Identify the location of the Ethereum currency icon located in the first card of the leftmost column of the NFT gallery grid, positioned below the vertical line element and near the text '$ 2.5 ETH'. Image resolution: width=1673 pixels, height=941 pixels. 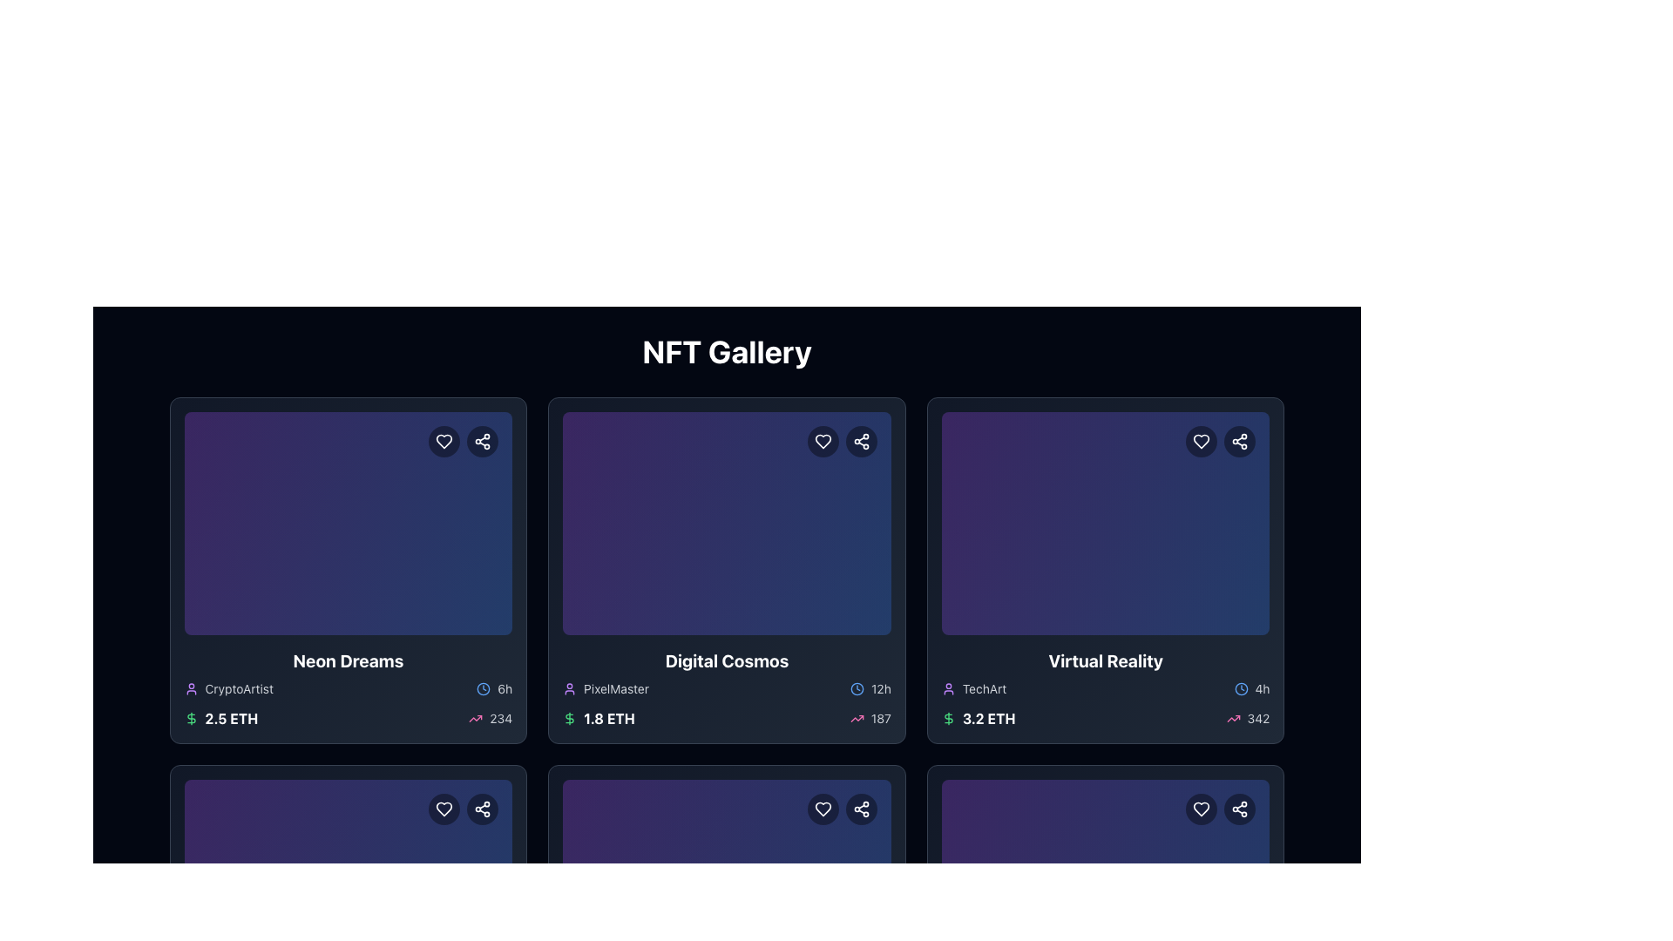
(191, 719).